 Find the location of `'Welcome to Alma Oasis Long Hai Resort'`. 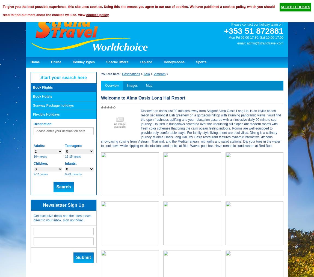

'Welcome to Alma Oasis Long Hai Resort' is located at coordinates (143, 98).